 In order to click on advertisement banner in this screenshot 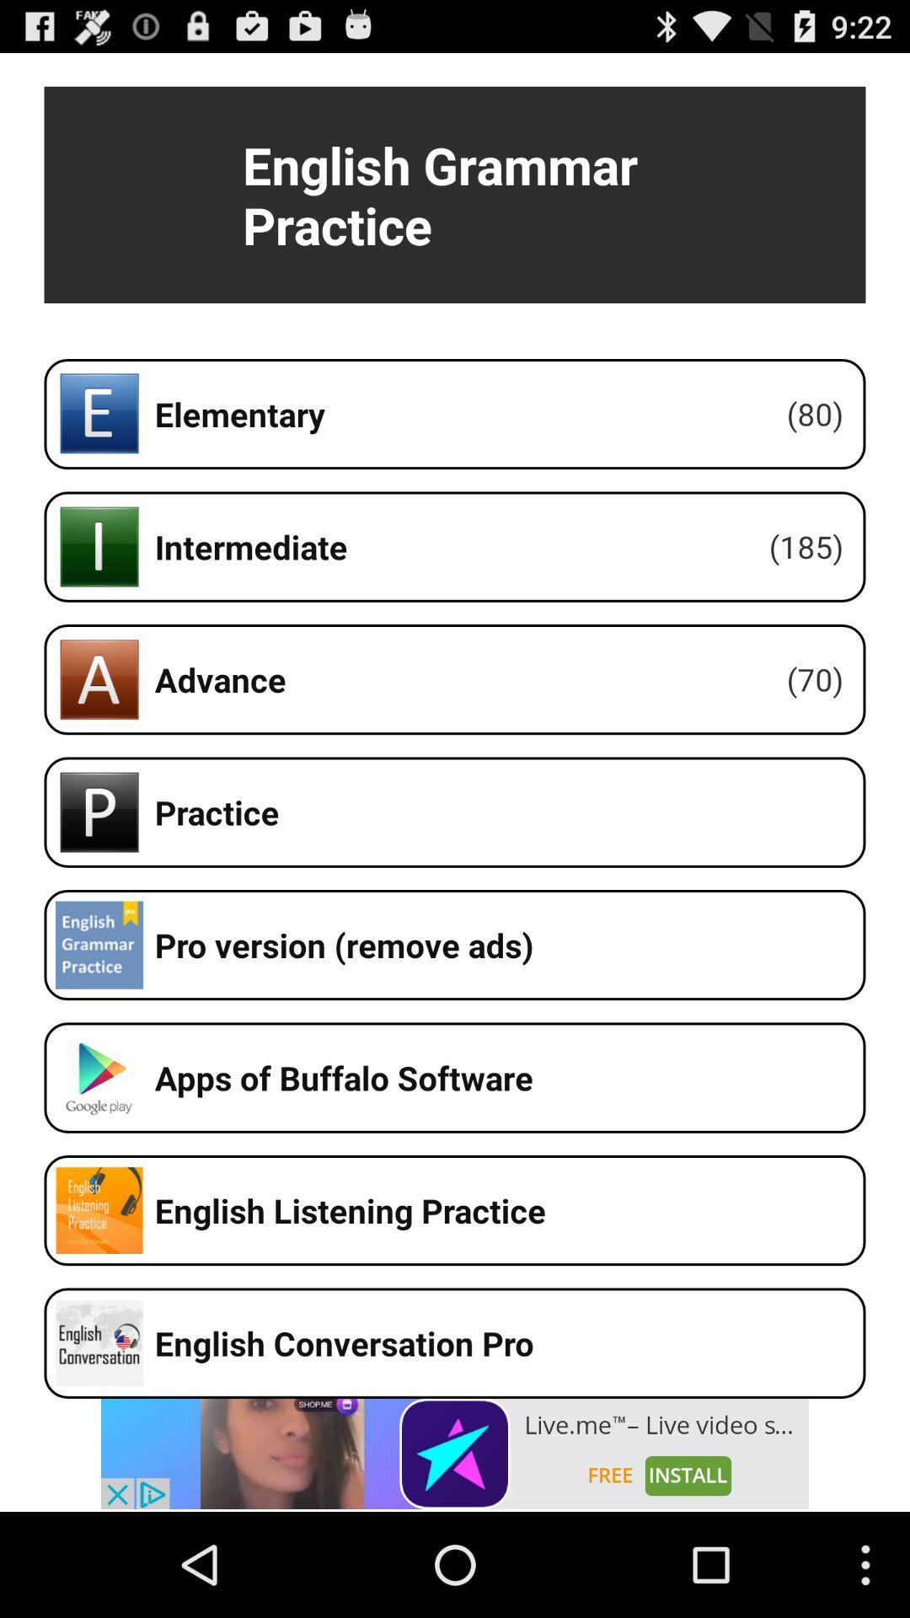, I will do `click(455, 1453)`.